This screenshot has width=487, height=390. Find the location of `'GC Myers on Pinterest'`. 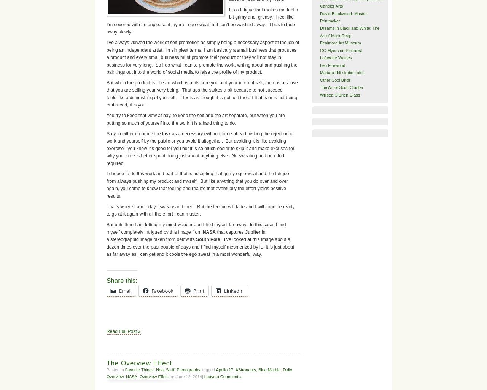

'GC Myers on Pinterest' is located at coordinates (340, 50).